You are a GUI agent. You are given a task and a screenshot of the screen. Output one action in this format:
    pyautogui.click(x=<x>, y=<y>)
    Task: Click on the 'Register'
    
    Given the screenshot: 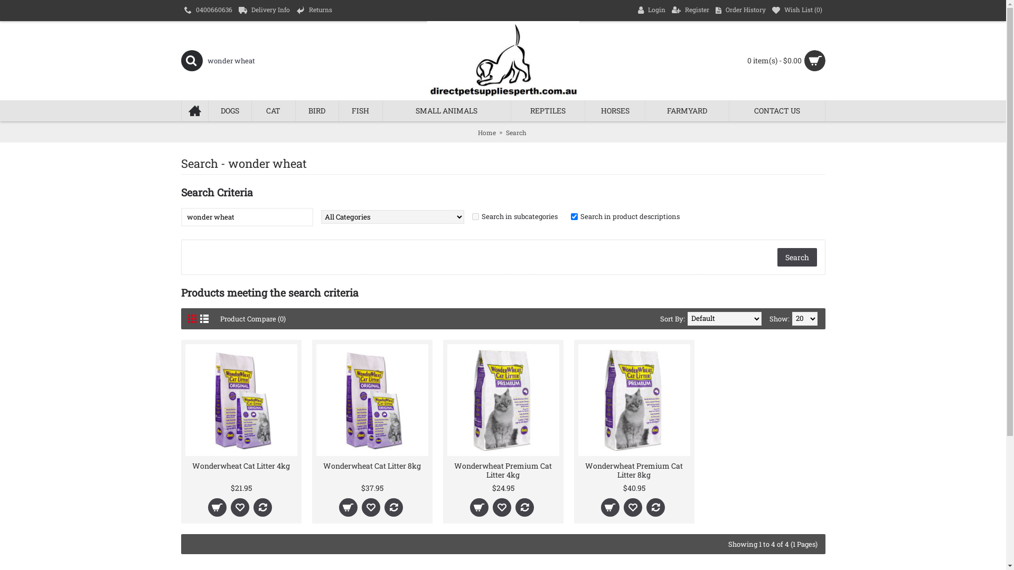 What is the action you would take?
    pyautogui.click(x=690, y=10)
    